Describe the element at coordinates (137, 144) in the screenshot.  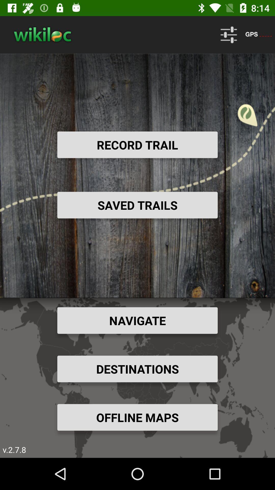
I see `the record trail item` at that location.